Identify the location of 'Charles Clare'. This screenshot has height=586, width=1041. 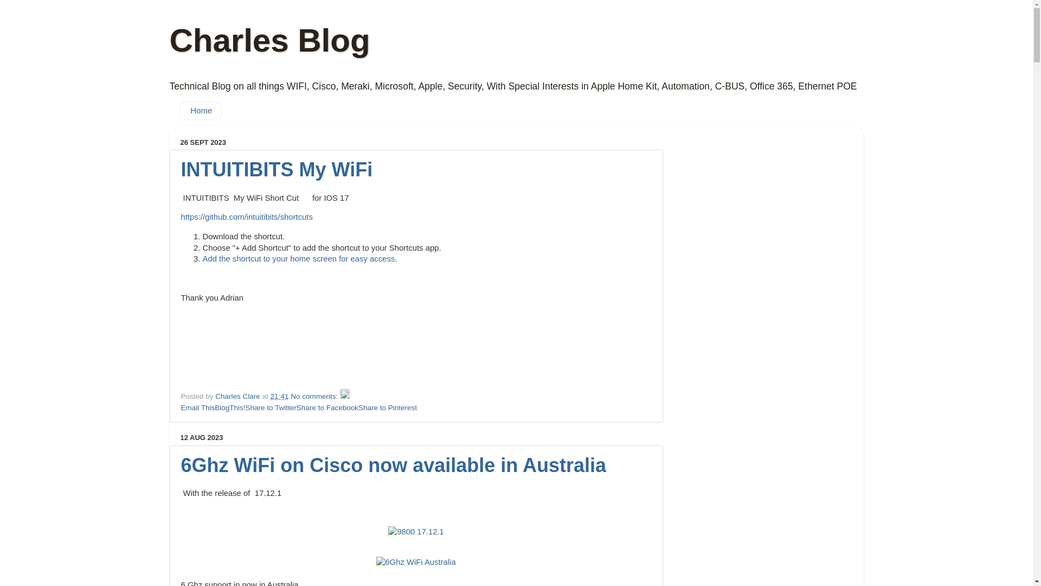
(238, 396).